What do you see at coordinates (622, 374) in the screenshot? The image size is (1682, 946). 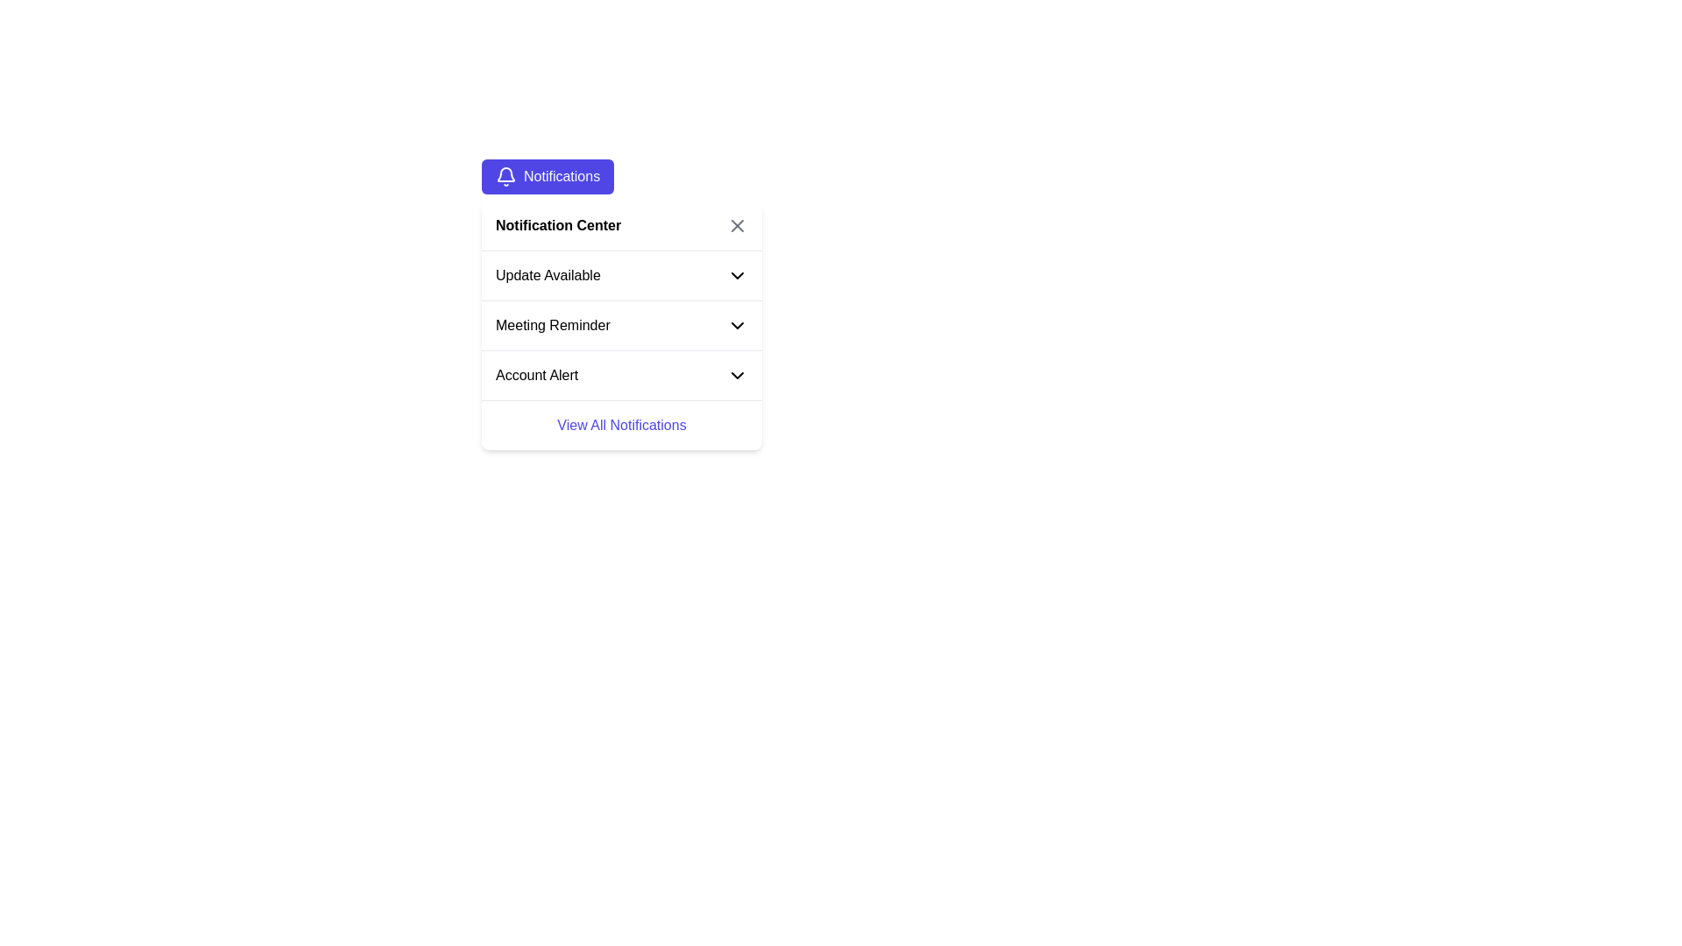 I see `the 'Account Alert' item in the Notification Center dropdown` at bounding box center [622, 374].